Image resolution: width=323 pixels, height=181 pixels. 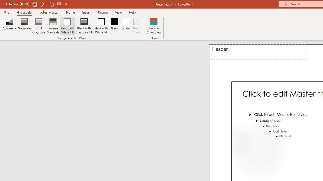 I want to click on 'Light Grayscale', so click(x=38, y=26).